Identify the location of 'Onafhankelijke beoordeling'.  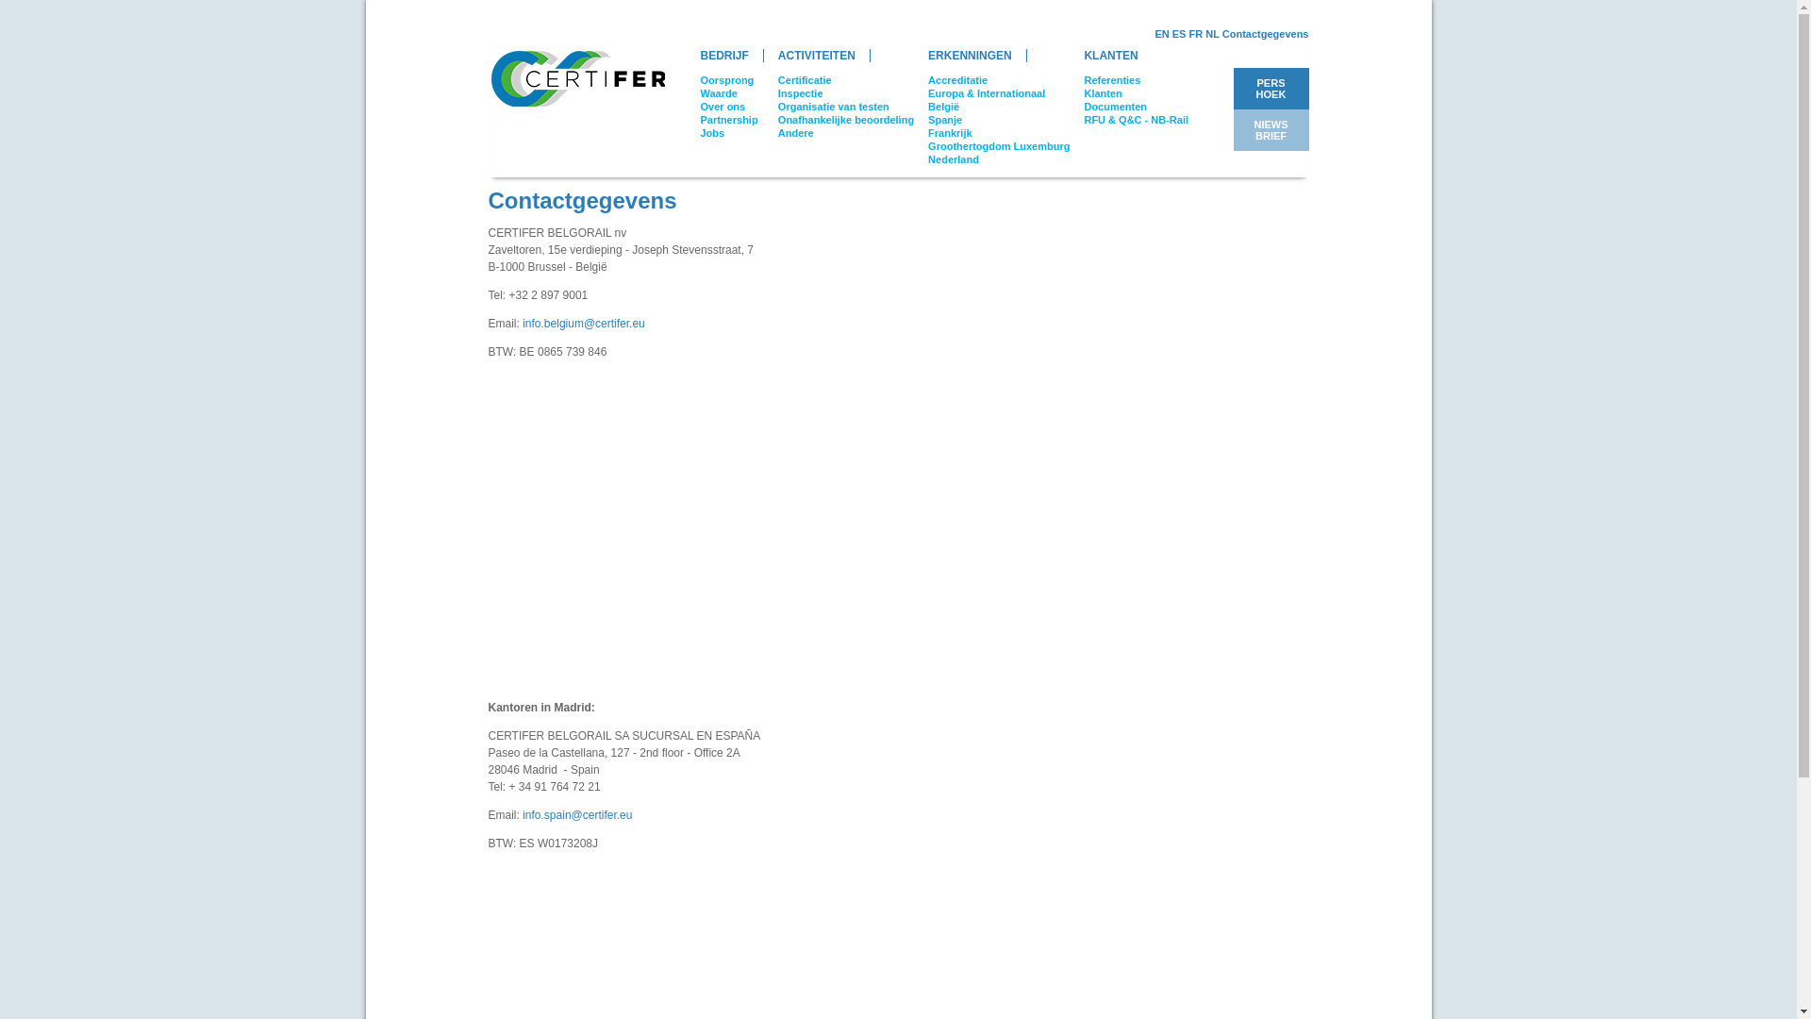
(845, 120).